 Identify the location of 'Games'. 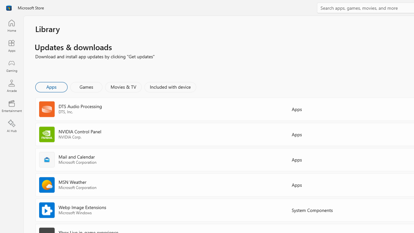
(86, 86).